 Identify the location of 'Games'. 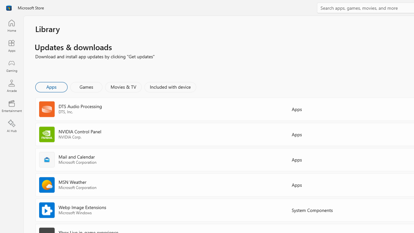
(86, 86).